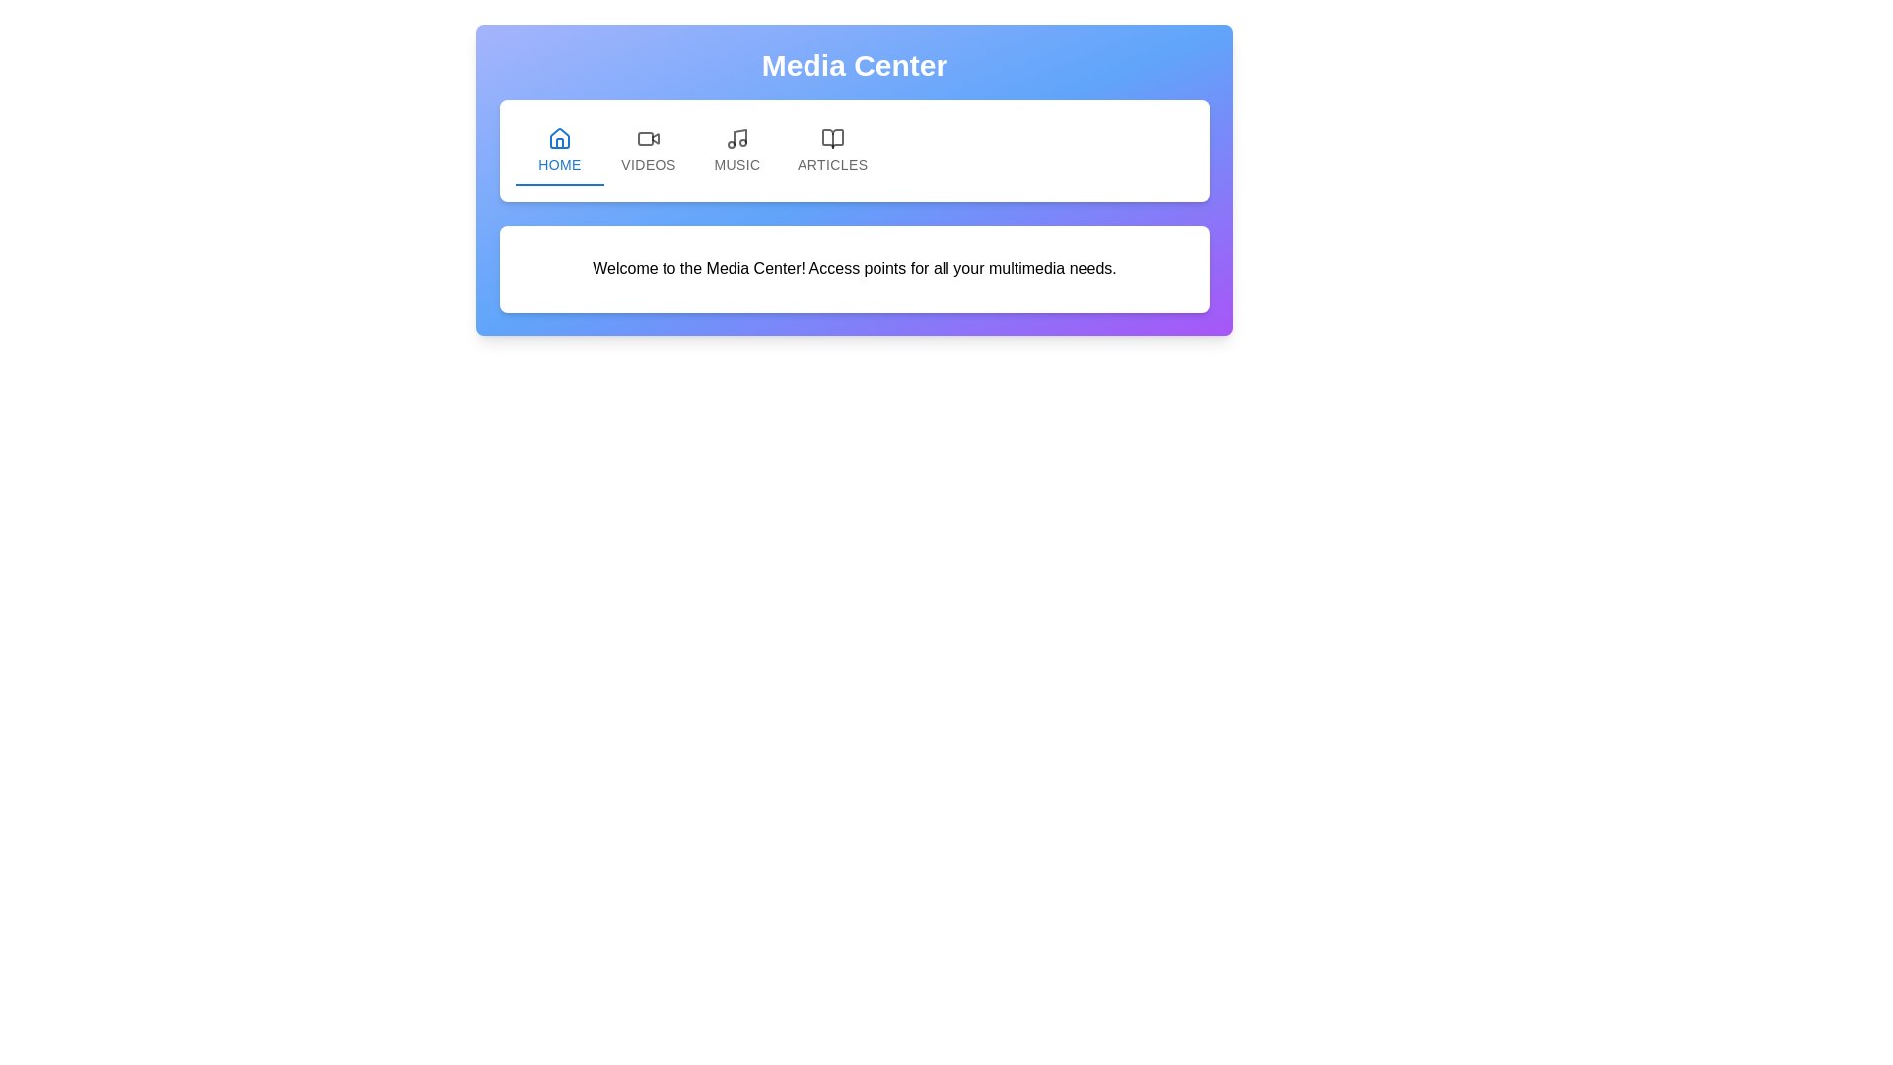 This screenshot has width=1893, height=1065. I want to click on the 'Articles' tab button which is the fourth tab in a row of tabs labeled 'Home', 'Videos', 'Music', and 'Articles', featuring an open book icon above the text and styled with a black font on a white background, so click(832, 150).